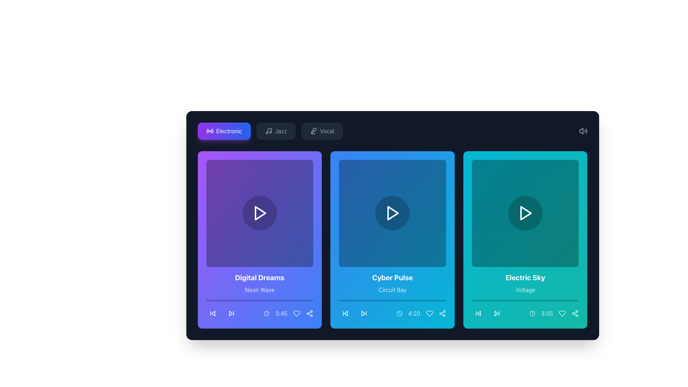 This screenshot has height=387, width=688. Describe the element at coordinates (525, 277) in the screenshot. I see `the text label displaying 'Electric Sky' in a bold, extra-large font located at the bottom of the third card in a three-card layout` at that location.